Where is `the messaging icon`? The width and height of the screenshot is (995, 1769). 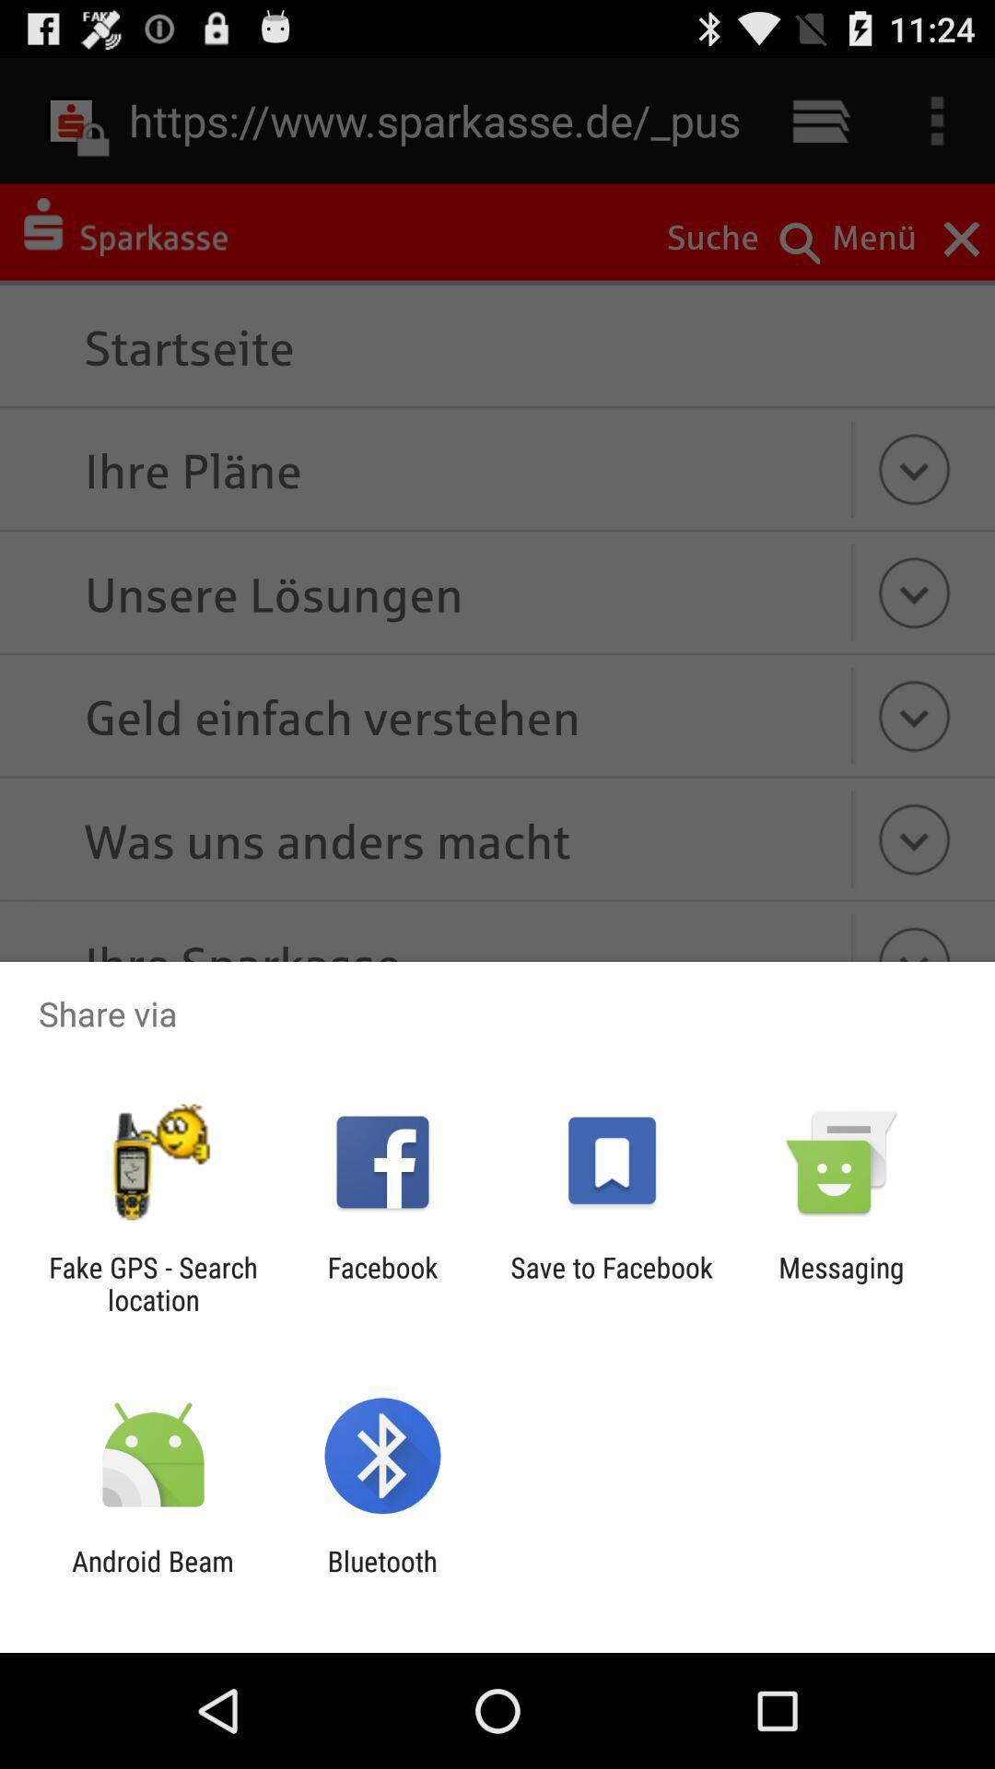
the messaging icon is located at coordinates (841, 1283).